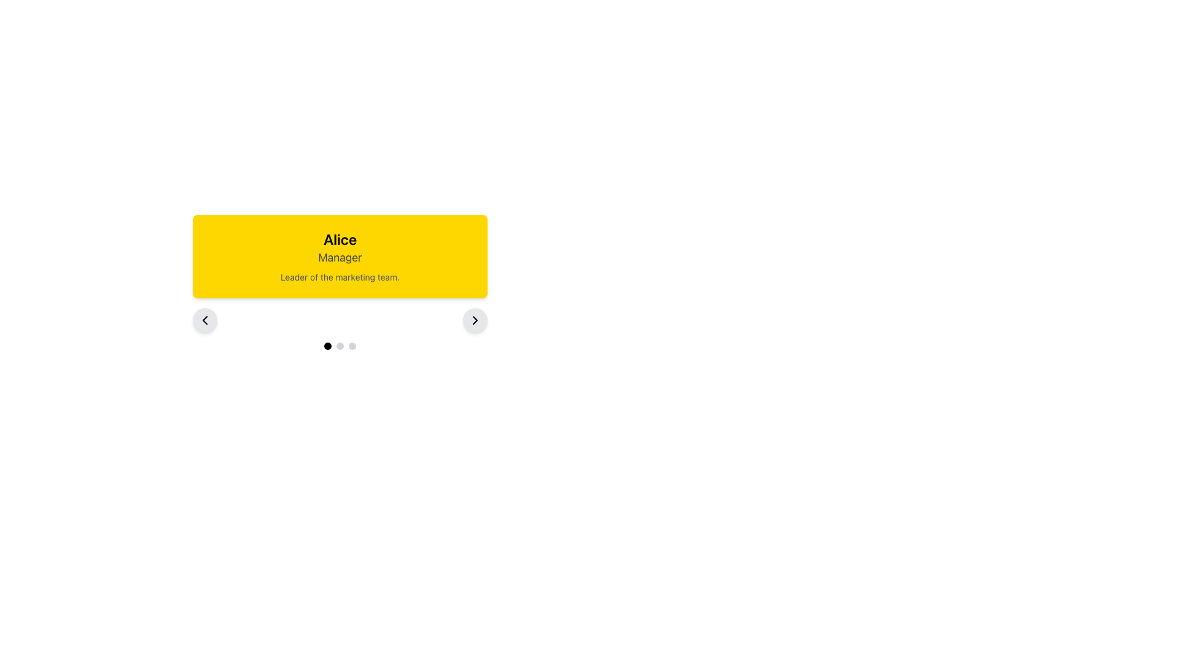 The image size is (1179, 663). What do you see at coordinates (205, 319) in the screenshot?
I see `the navigation icon within the button located at the bottom-left corner of the yellow card labeled 'Alice'` at bounding box center [205, 319].